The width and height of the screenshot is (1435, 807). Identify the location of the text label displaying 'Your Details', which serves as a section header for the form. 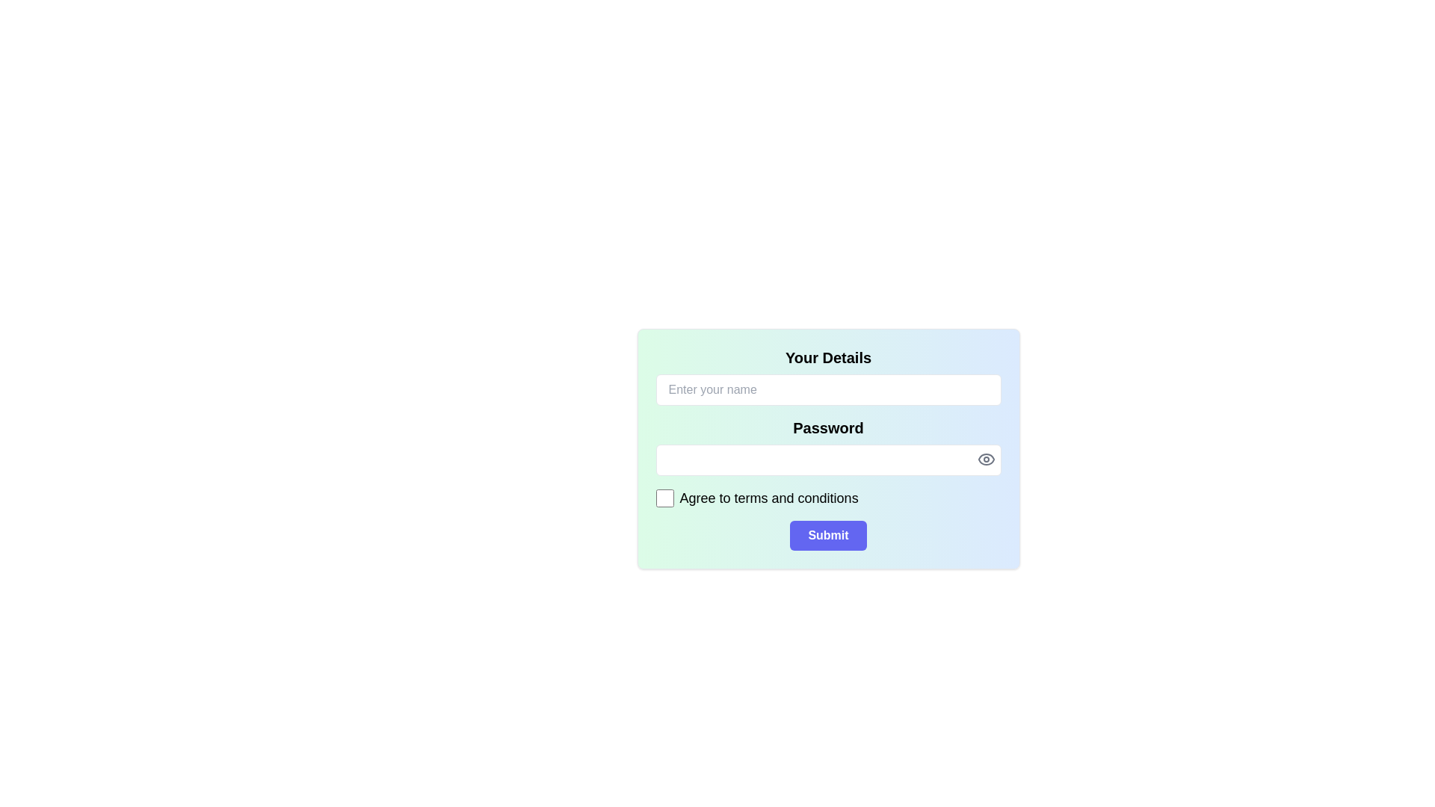
(827, 357).